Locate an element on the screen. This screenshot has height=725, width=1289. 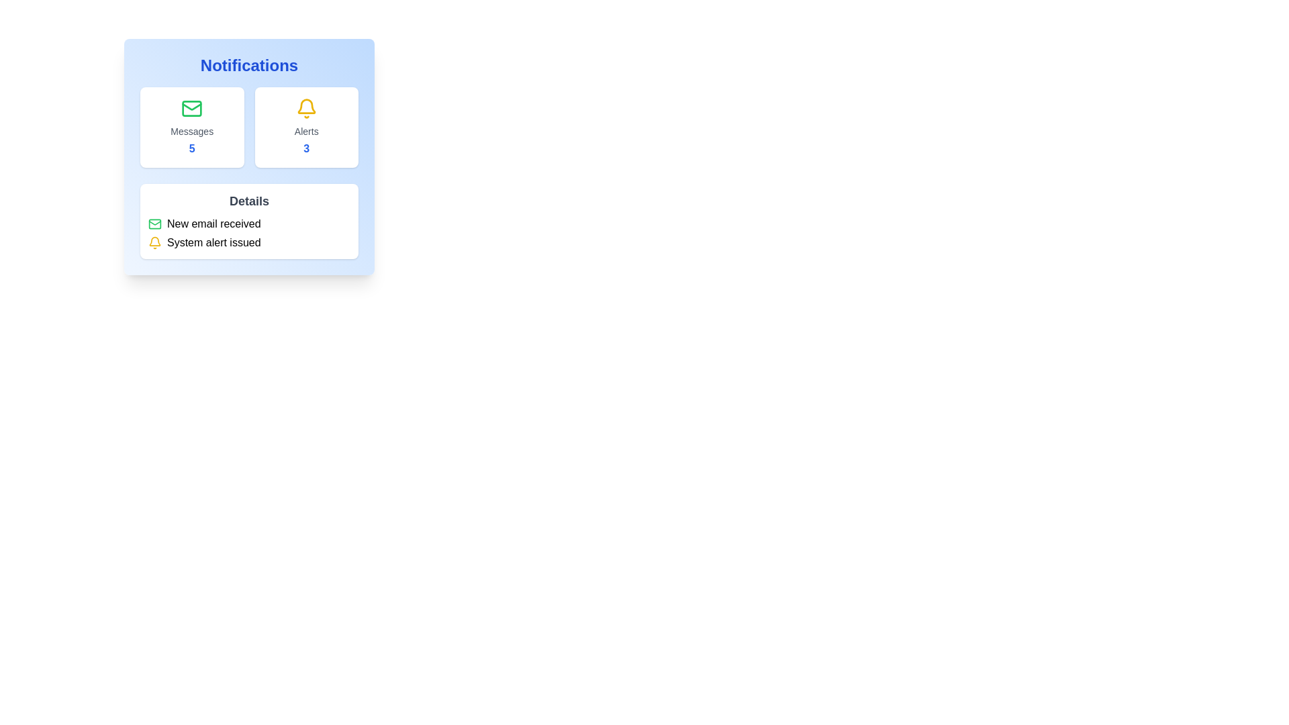
the bottom part of the bell icon located in the 'Alerts' section, which is right of the 'Messages' section is located at coordinates (305, 105).